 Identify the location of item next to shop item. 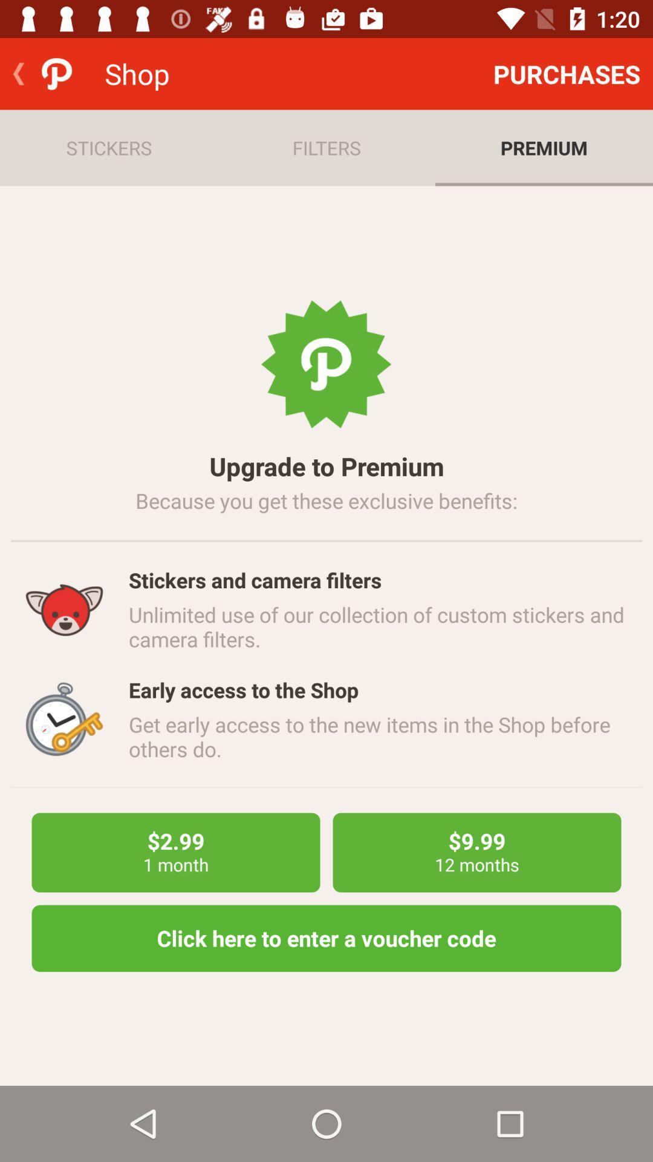
(567, 73).